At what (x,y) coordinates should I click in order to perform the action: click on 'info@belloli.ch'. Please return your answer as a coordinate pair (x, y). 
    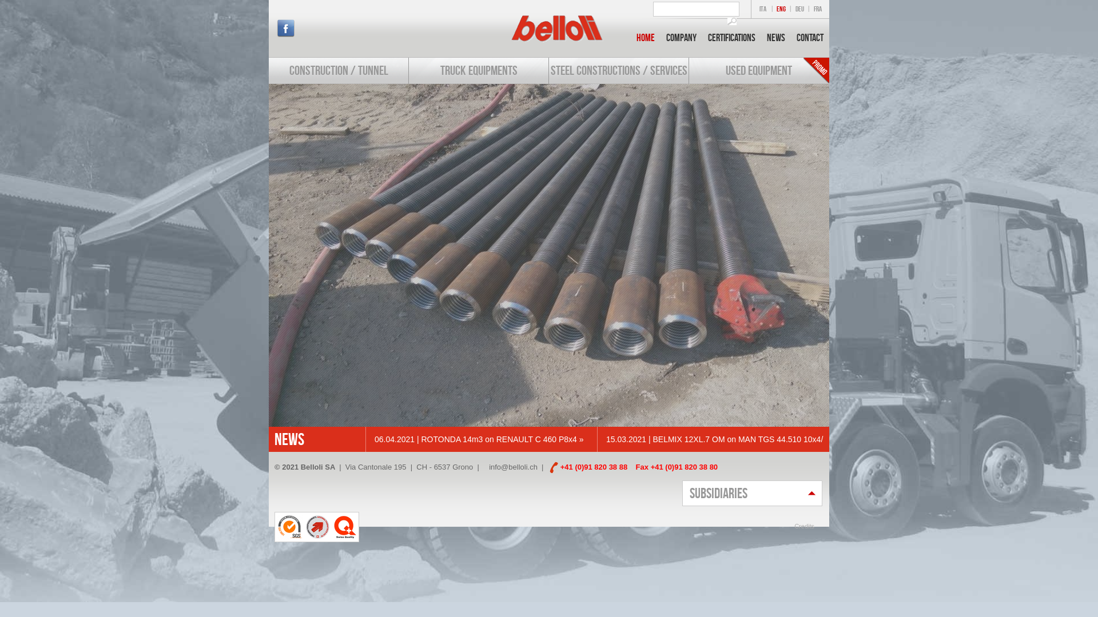
    Looking at the image, I should click on (512, 467).